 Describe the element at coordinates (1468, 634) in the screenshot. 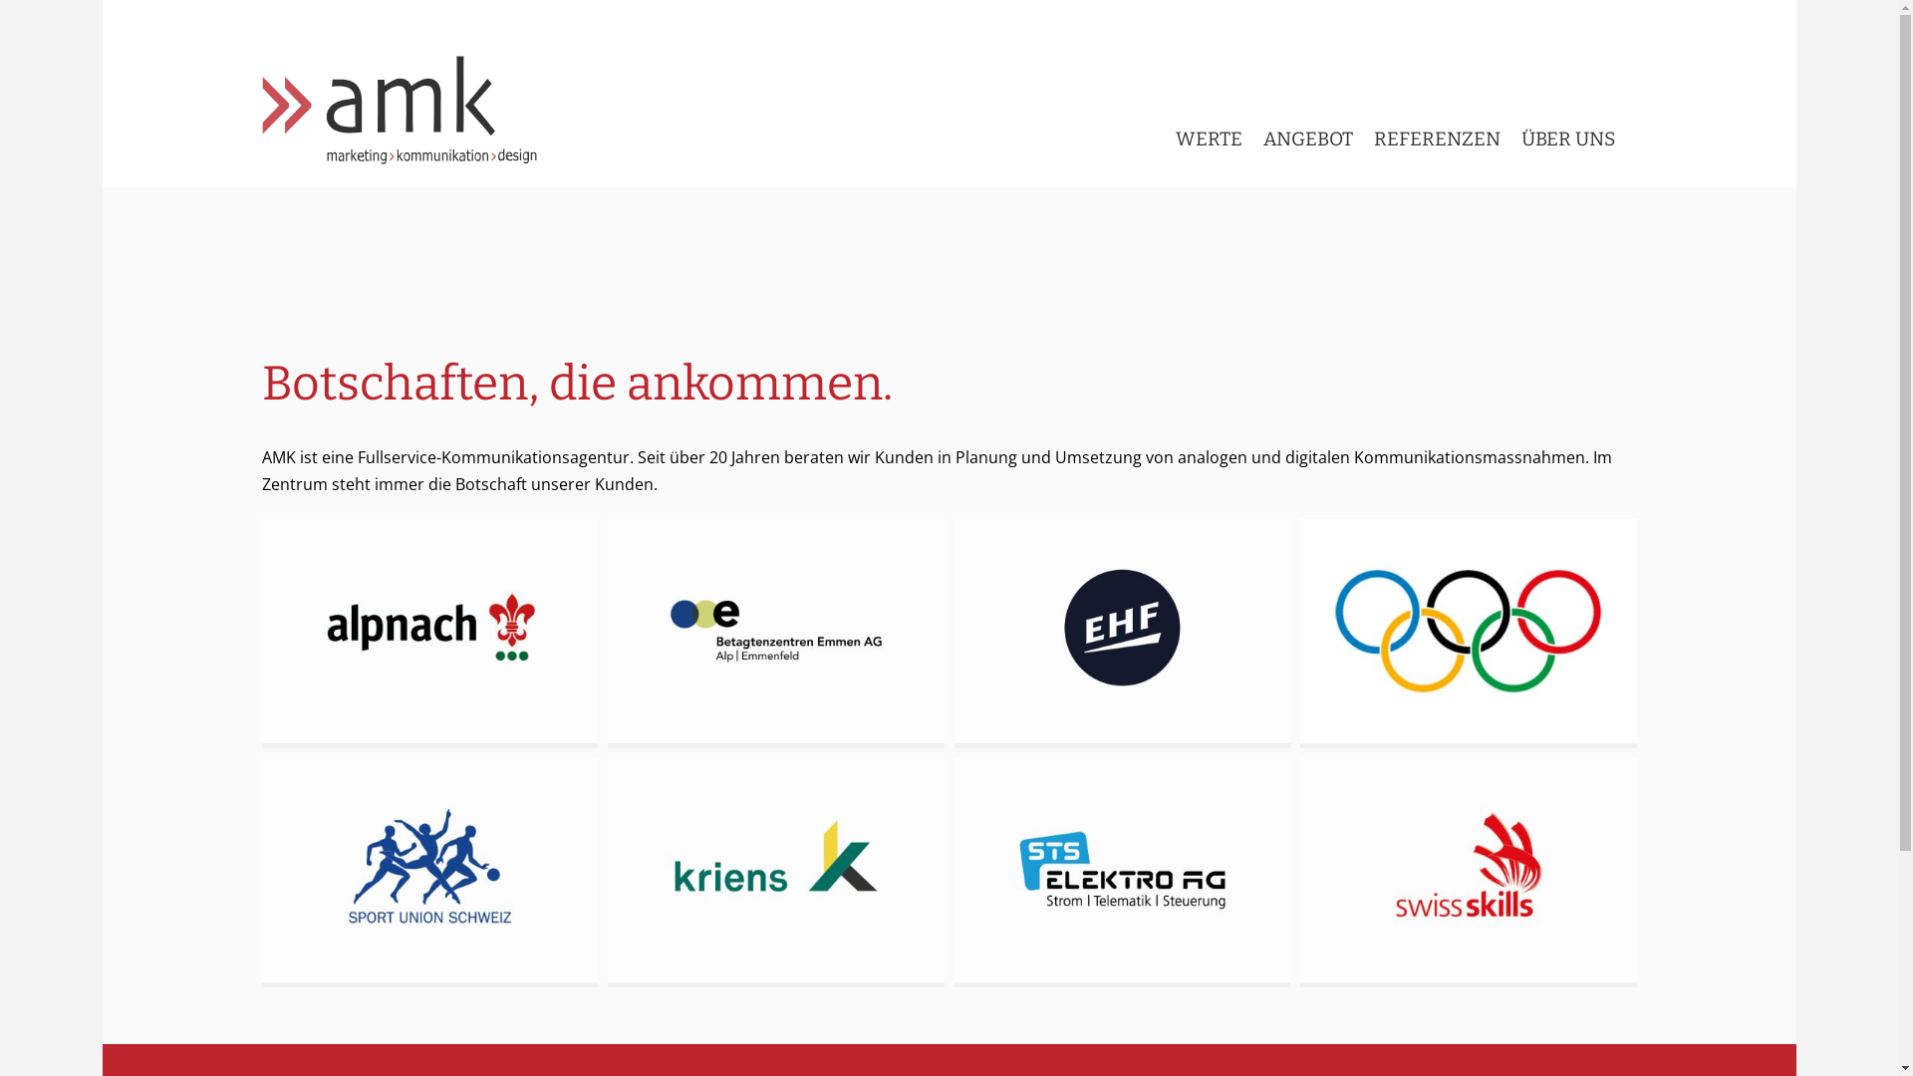

I see `'Olympische-Spiele'` at that location.